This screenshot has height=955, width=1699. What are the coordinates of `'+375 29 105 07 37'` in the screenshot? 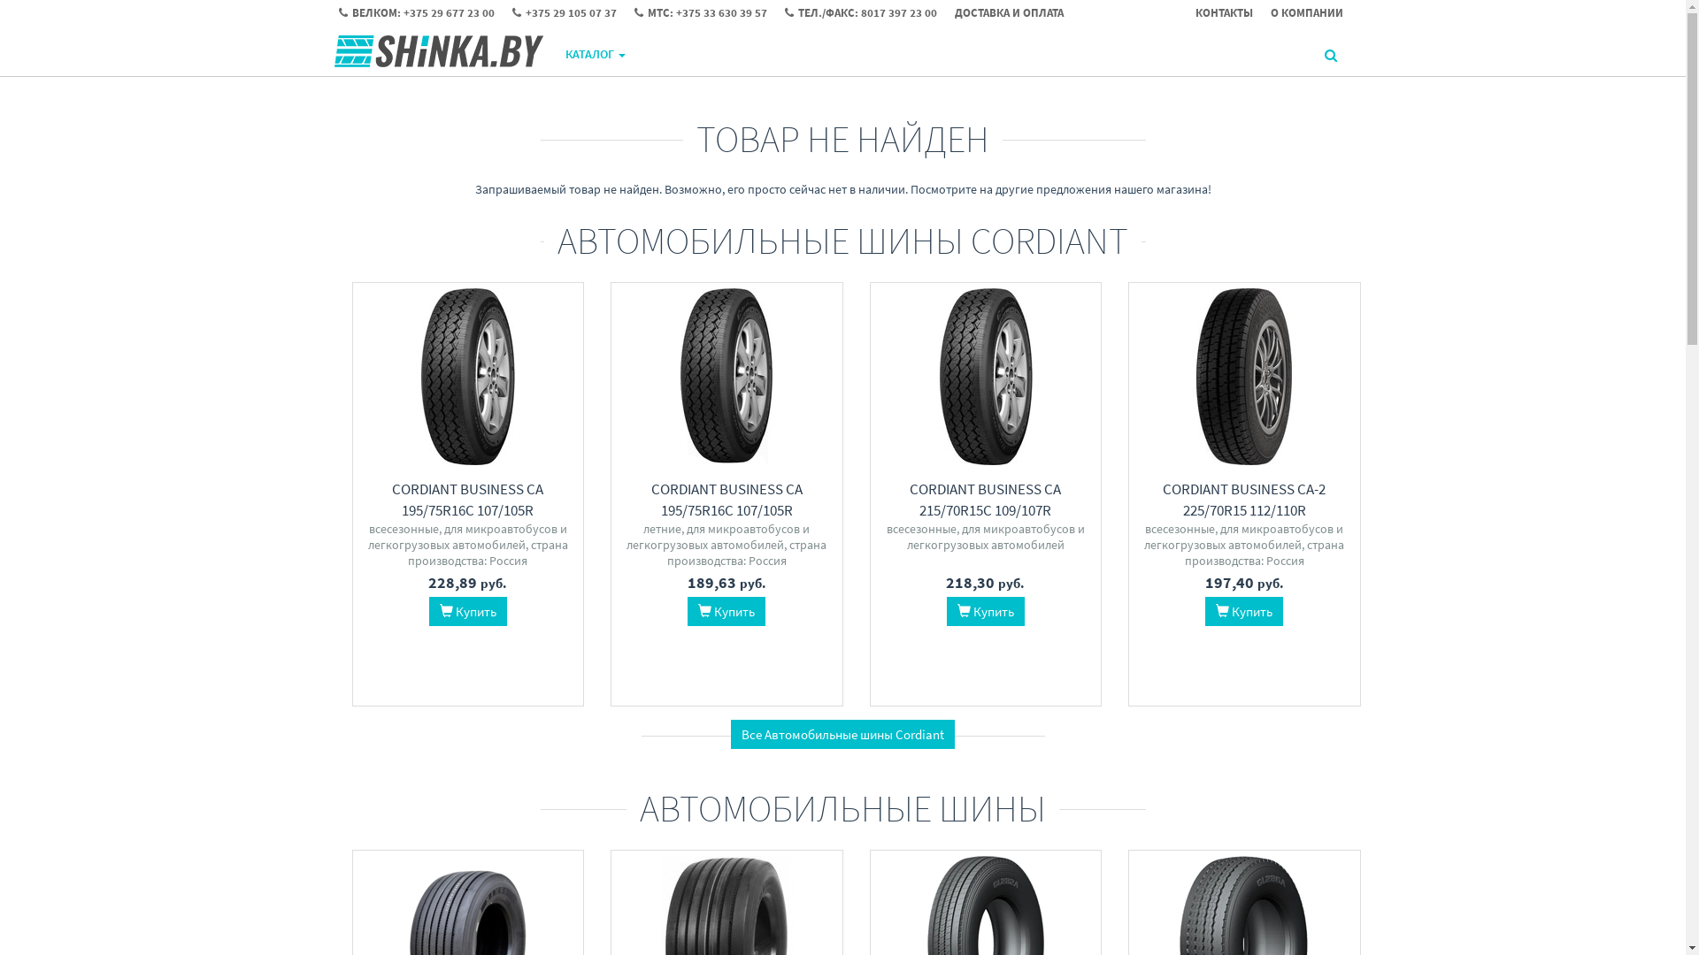 It's located at (573, 13).